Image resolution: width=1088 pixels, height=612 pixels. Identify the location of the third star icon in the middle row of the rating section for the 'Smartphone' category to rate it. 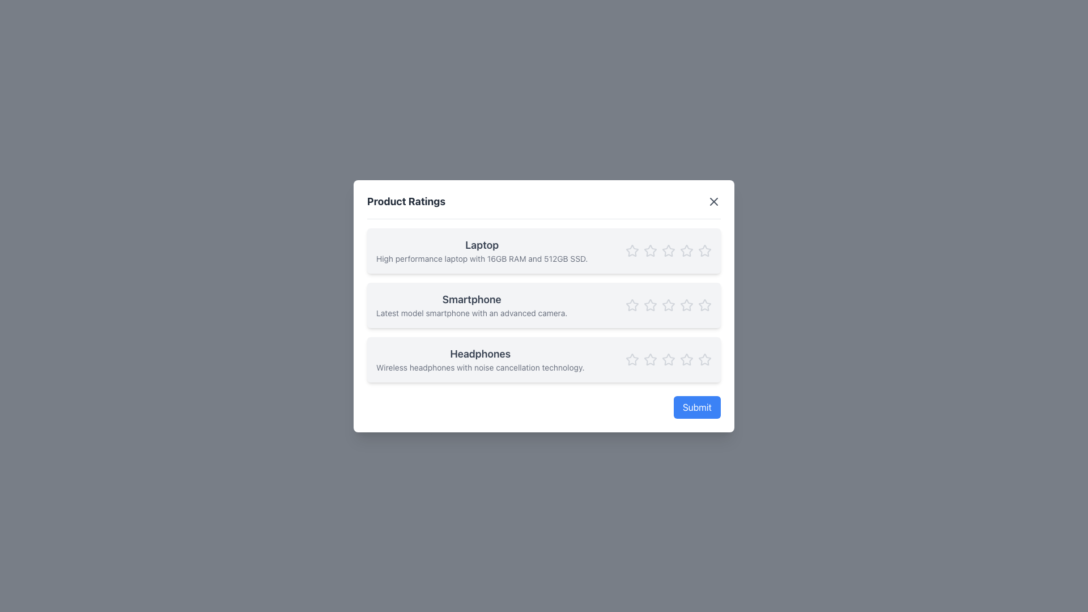
(668, 304).